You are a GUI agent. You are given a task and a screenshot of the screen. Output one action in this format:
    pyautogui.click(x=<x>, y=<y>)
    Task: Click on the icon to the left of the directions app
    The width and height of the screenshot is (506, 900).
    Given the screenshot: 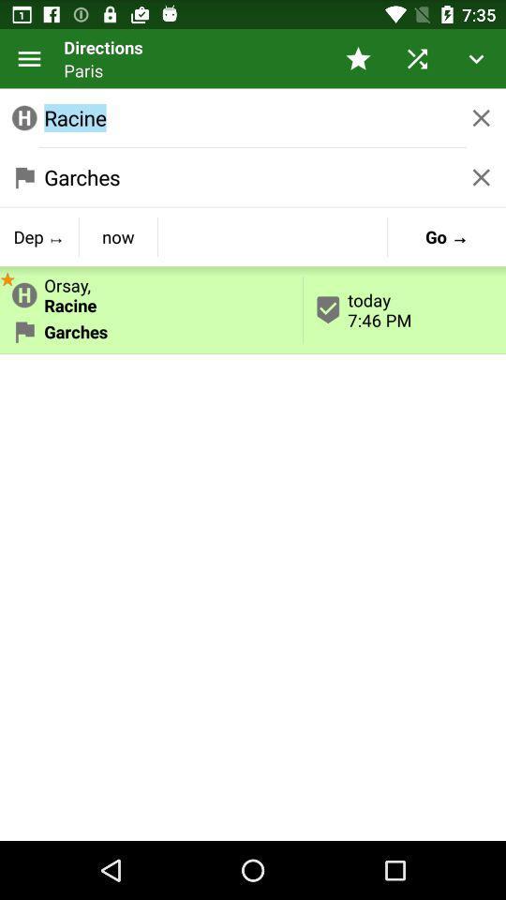 What is the action you would take?
    pyautogui.click(x=28, y=58)
    